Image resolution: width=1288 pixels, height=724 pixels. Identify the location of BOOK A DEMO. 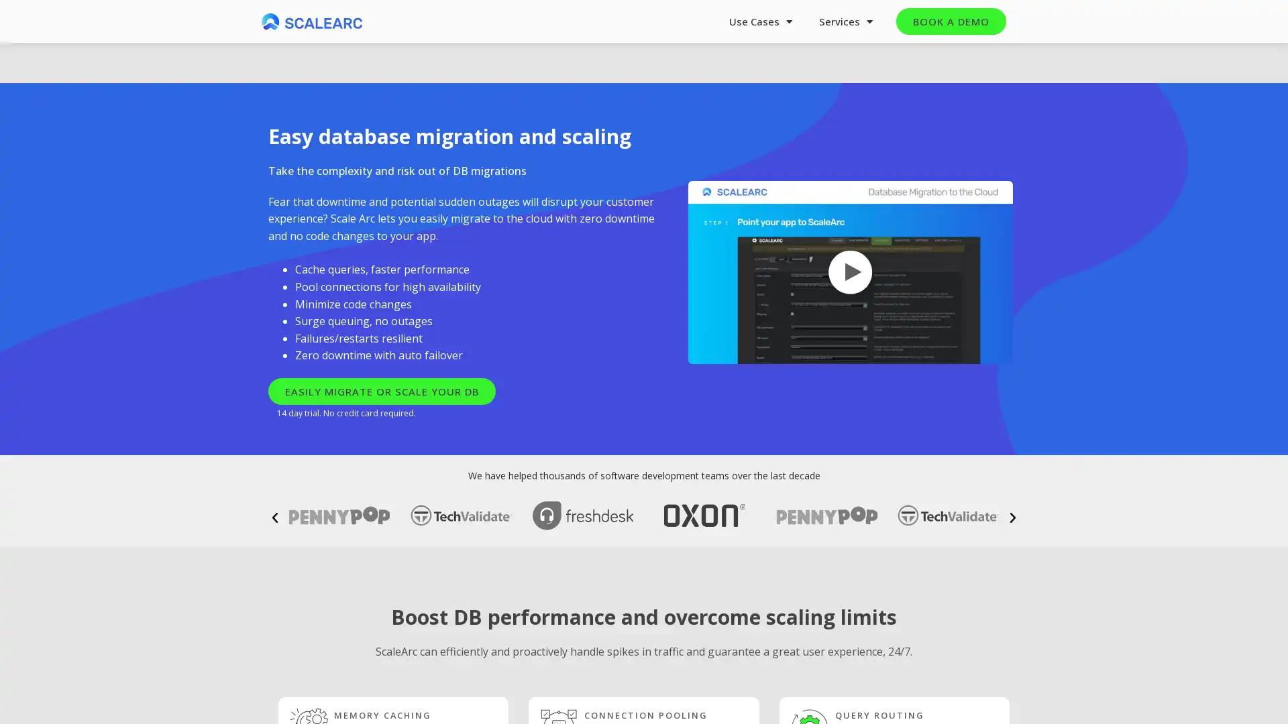
(950, 21).